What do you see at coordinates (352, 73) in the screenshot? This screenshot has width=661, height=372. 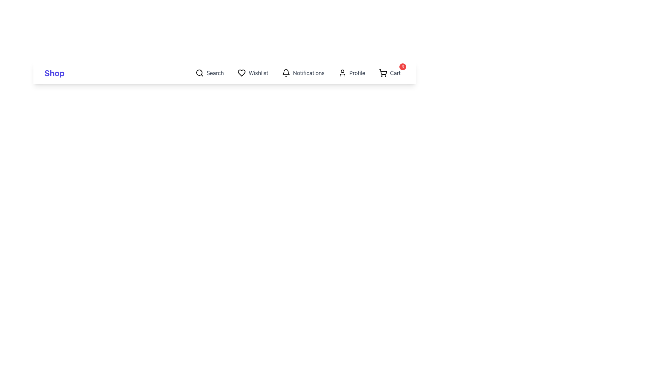 I see `the 'Profile' button in the navigation bar` at bounding box center [352, 73].